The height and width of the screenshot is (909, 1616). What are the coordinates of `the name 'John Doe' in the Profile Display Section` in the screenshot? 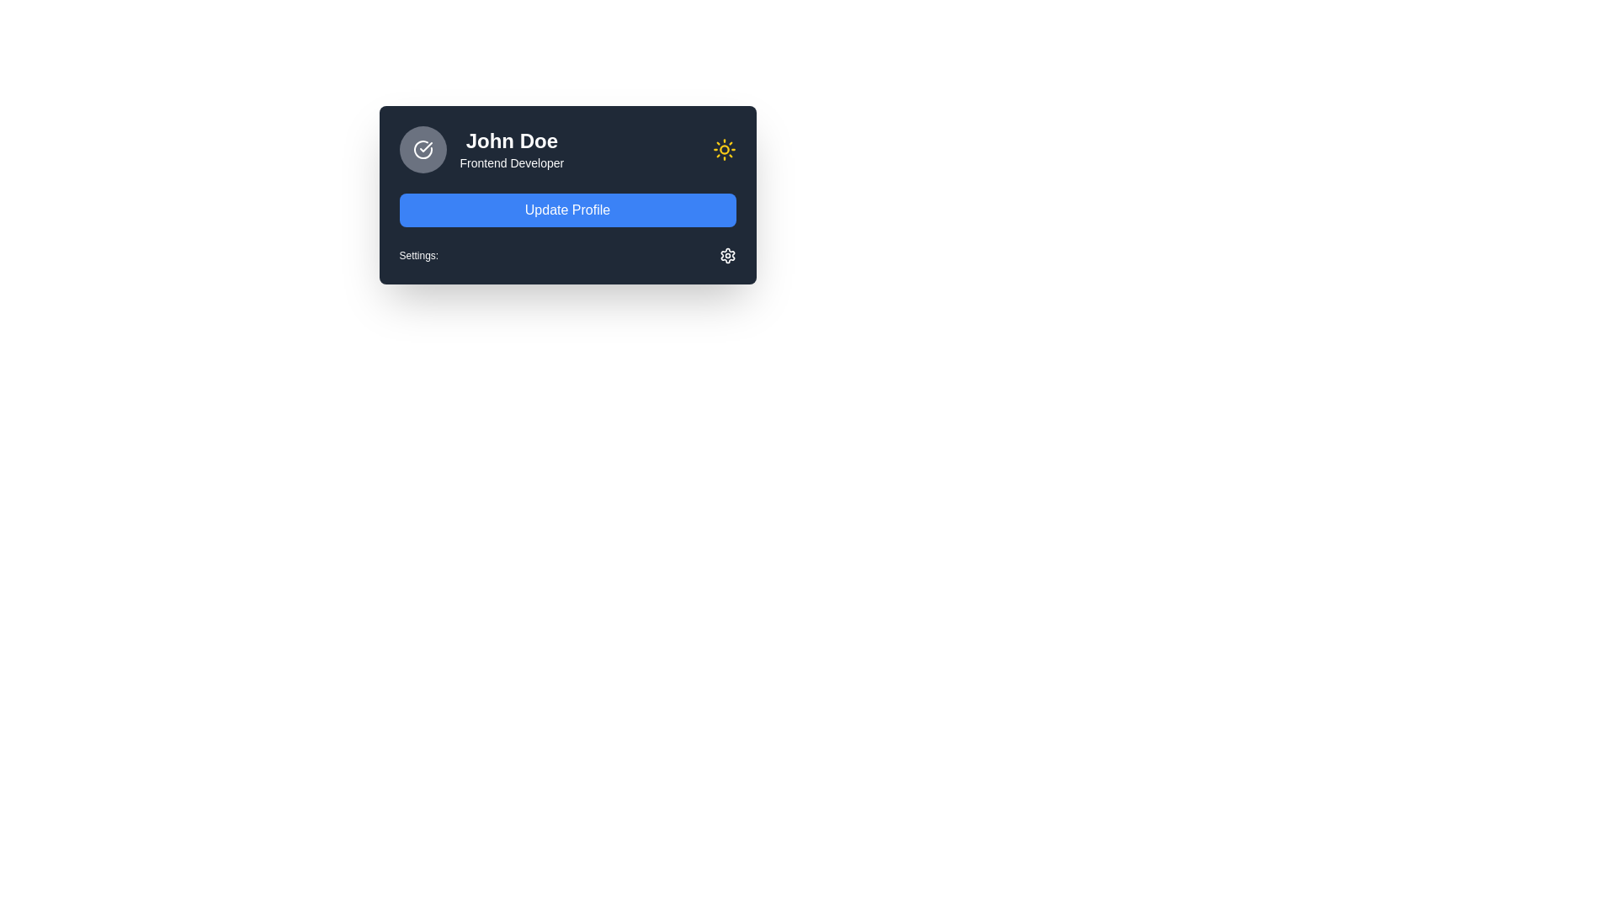 It's located at (481, 148).